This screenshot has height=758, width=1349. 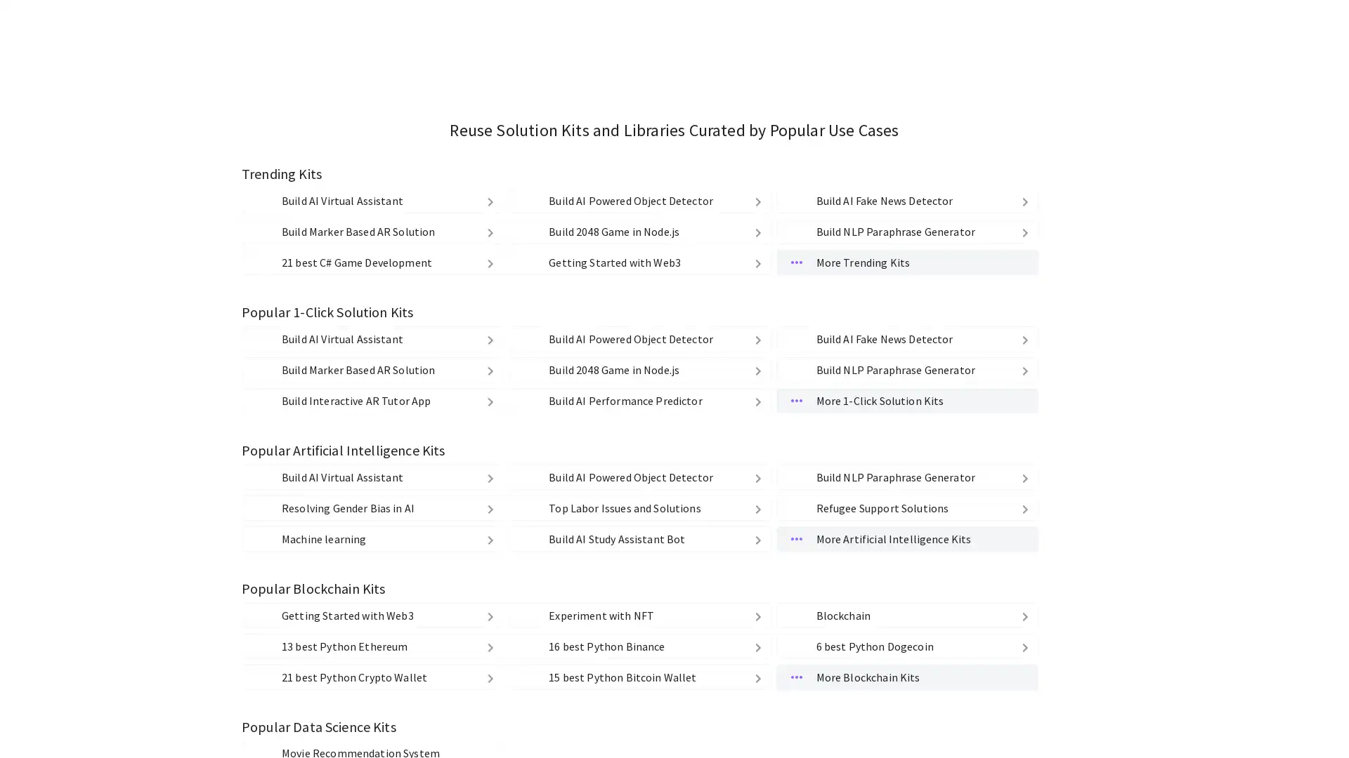 What do you see at coordinates (757, 692) in the screenshot?
I see `delete` at bounding box center [757, 692].